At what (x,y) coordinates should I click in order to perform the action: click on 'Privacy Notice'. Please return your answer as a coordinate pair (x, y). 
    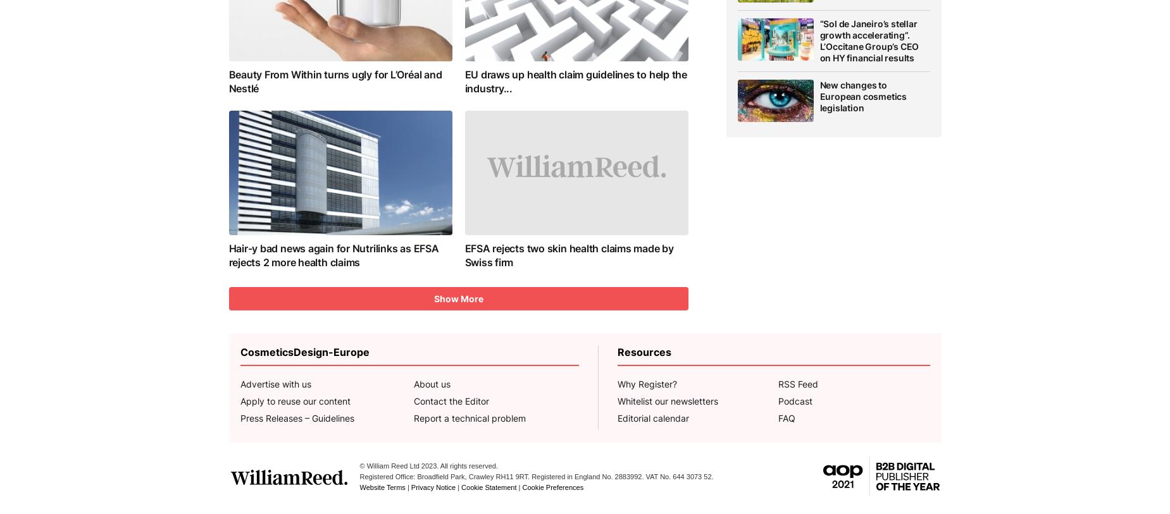
    Looking at the image, I should click on (409, 487).